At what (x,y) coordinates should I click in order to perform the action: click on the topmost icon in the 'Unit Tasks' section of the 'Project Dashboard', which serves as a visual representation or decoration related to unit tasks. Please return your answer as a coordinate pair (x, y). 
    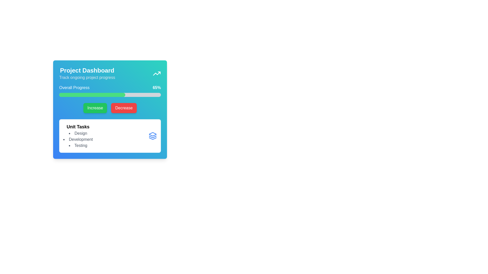
    Looking at the image, I should click on (152, 134).